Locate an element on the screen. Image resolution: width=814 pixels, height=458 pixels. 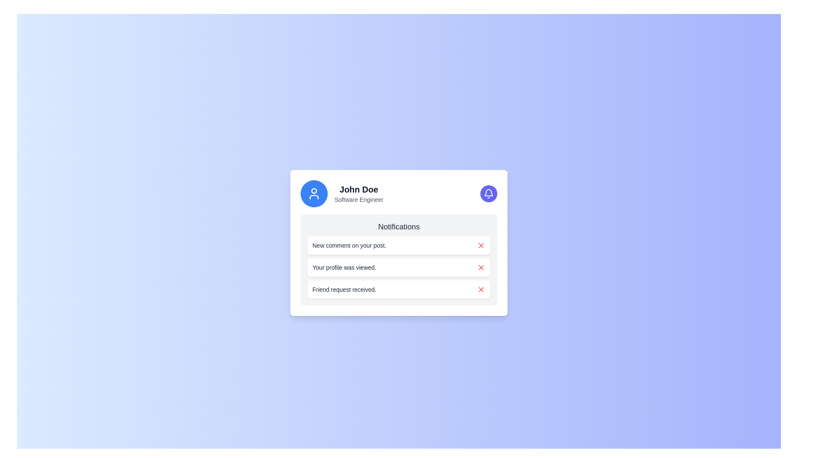
the Profile Display Component is located at coordinates (342, 193).